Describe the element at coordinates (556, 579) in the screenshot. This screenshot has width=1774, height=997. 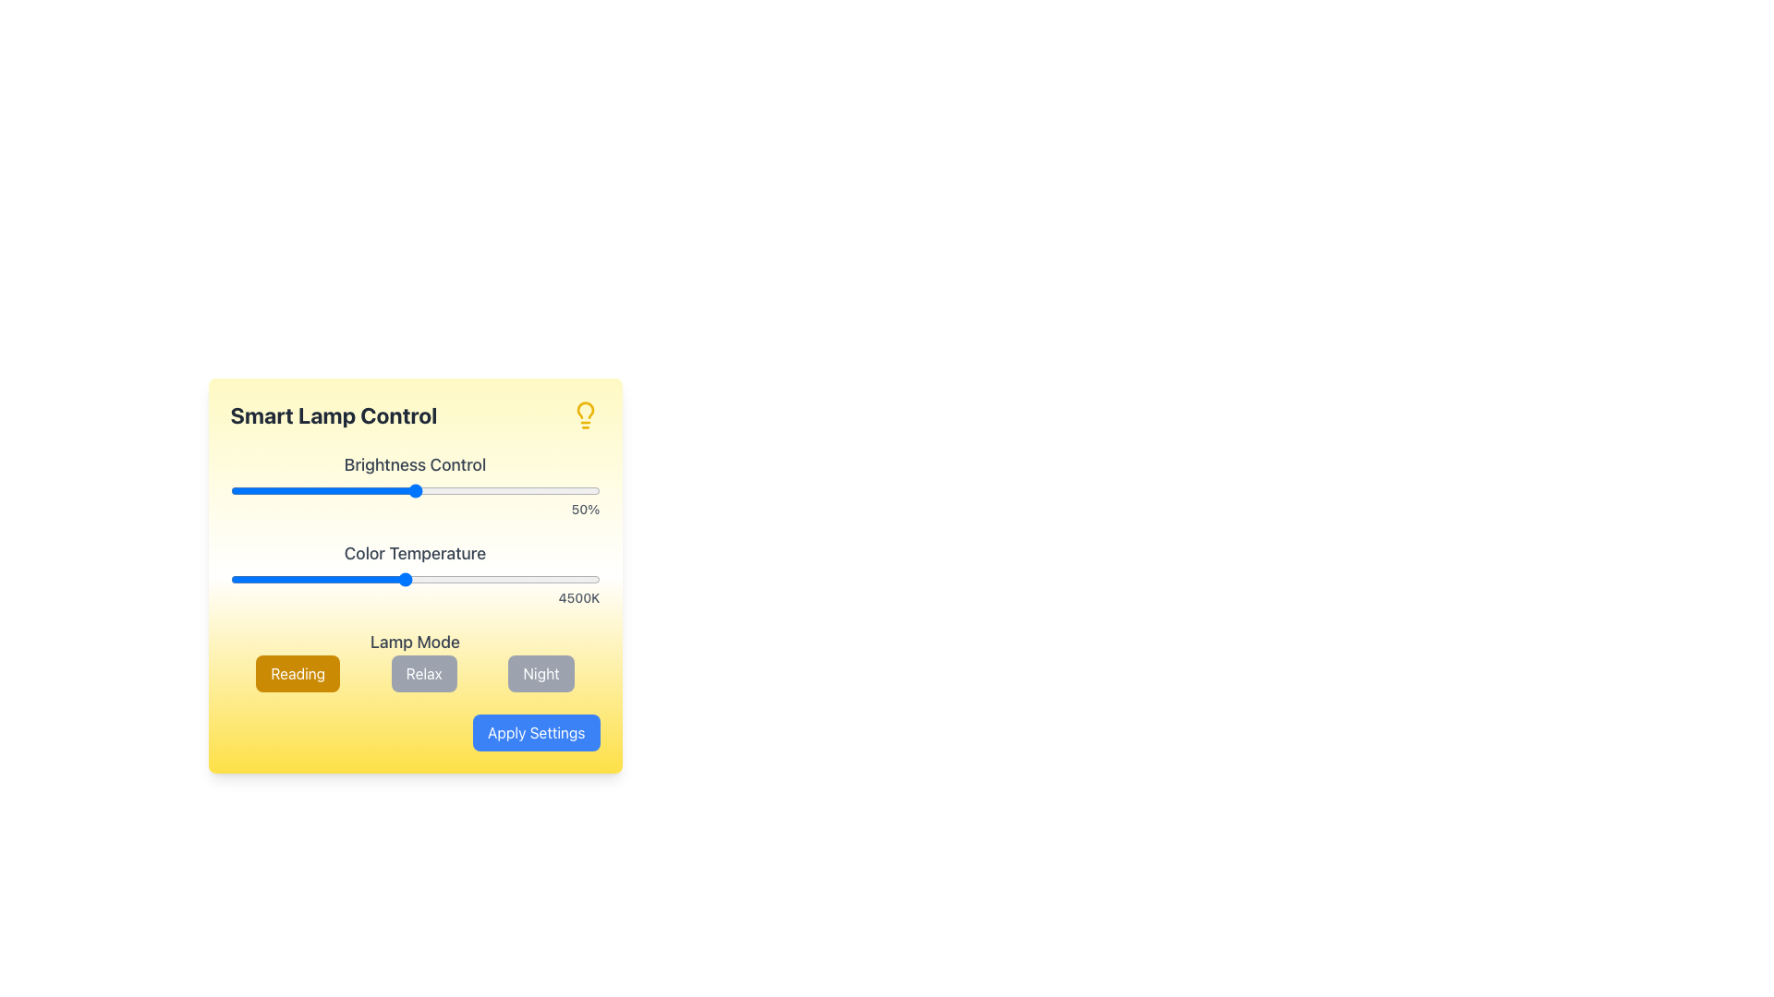
I see `the color temperature` at that location.